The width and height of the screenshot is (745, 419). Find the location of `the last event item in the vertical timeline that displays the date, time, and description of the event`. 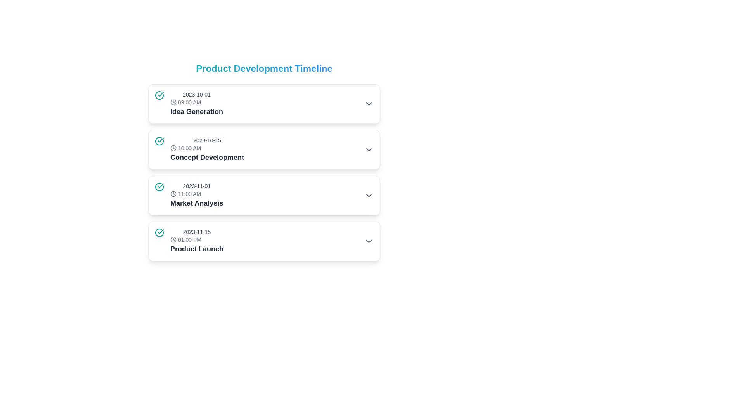

the last event item in the vertical timeline that displays the date, time, and description of the event is located at coordinates (189, 241).